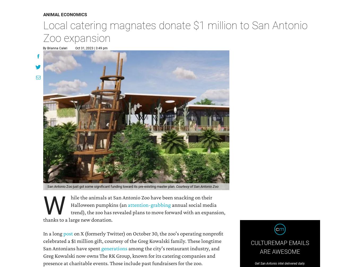  I want to click on 'post', so click(68, 233).